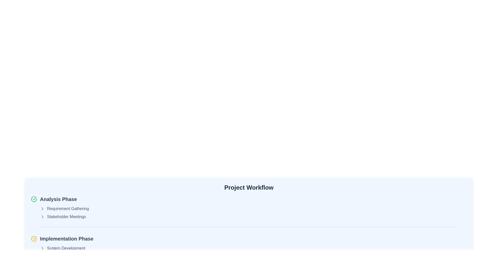  What do you see at coordinates (34, 238) in the screenshot?
I see `the check mark icon within the yellow circular SVG graphic, located in the 'Analysis Phase' section header` at bounding box center [34, 238].